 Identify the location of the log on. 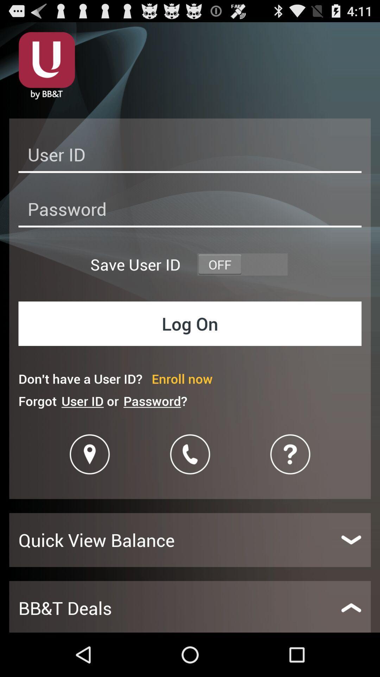
(190, 323).